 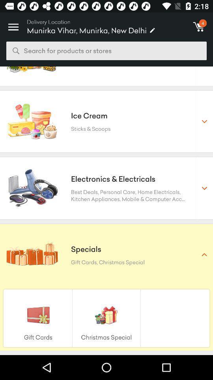 I want to click on the item to the left of the delivery location icon, so click(x=13, y=25).